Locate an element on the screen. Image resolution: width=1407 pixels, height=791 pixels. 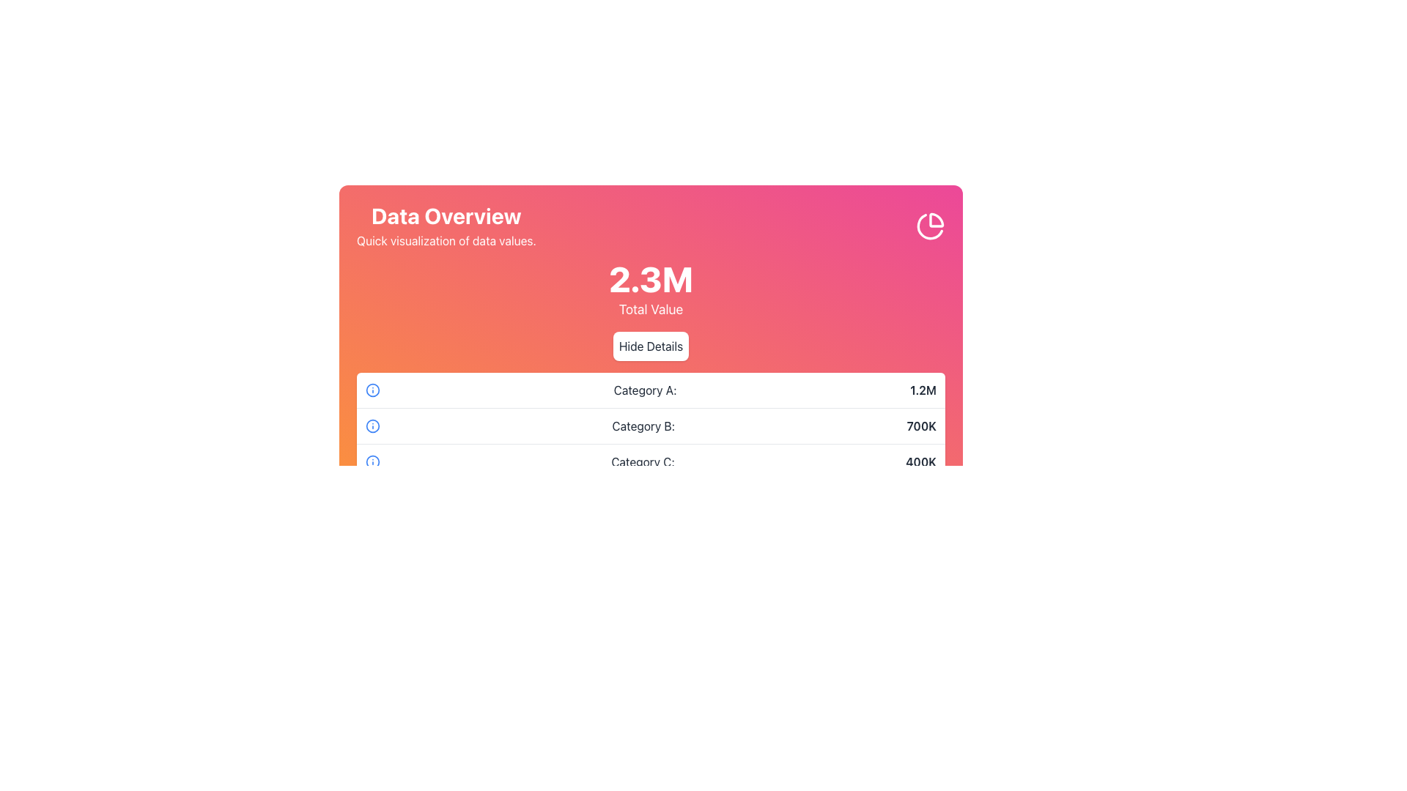
the text label that reads 'Quick visualization of data values.', positioned directly below the 'Data Overview' heading in the card or panel is located at coordinates (446, 239).